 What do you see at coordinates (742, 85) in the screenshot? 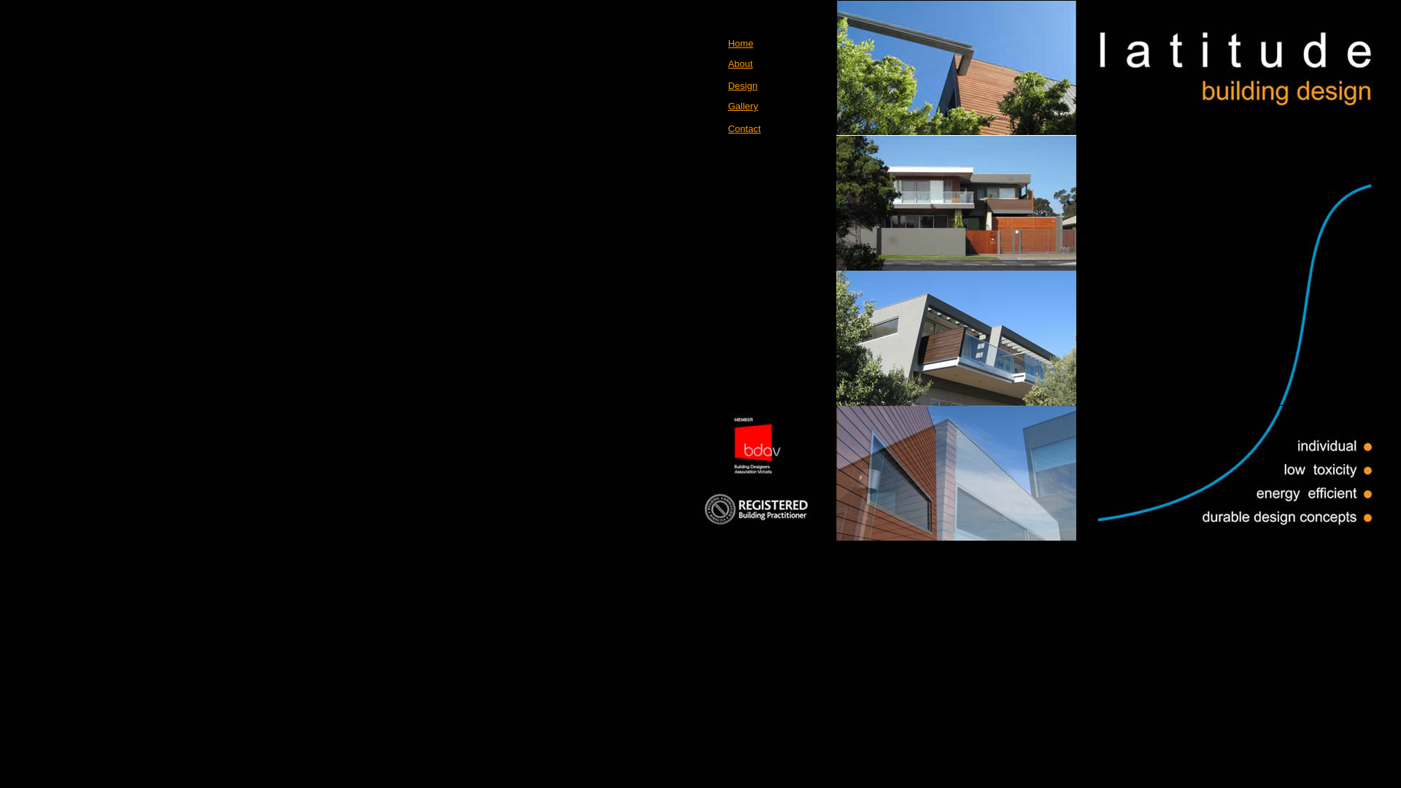
I see `'Design'` at bounding box center [742, 85].